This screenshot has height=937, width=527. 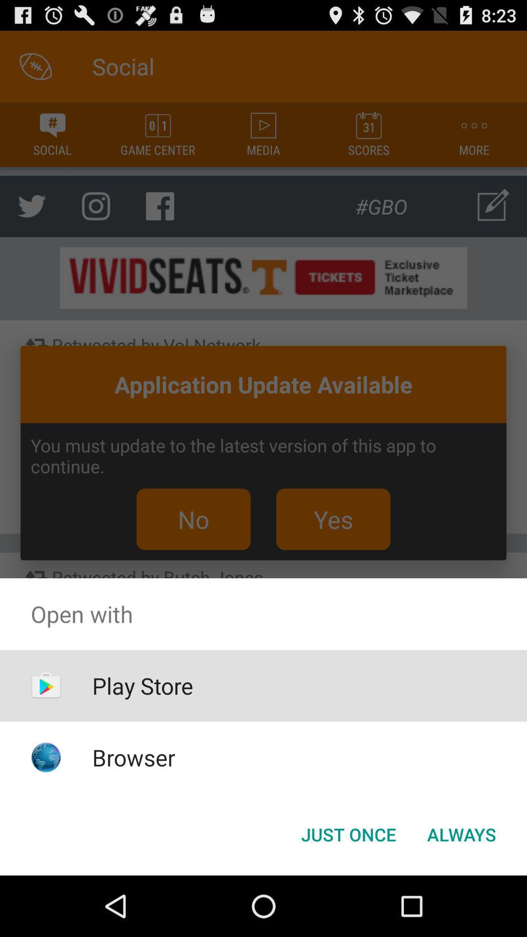 What do you see at coordinates (142, 685) in the screenshot?
I see `play store app` at bounding box center [142, 685].